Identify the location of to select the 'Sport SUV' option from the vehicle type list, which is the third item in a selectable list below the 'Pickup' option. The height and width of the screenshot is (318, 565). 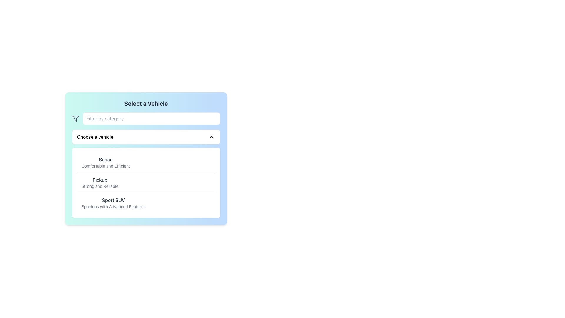
(113, 203).